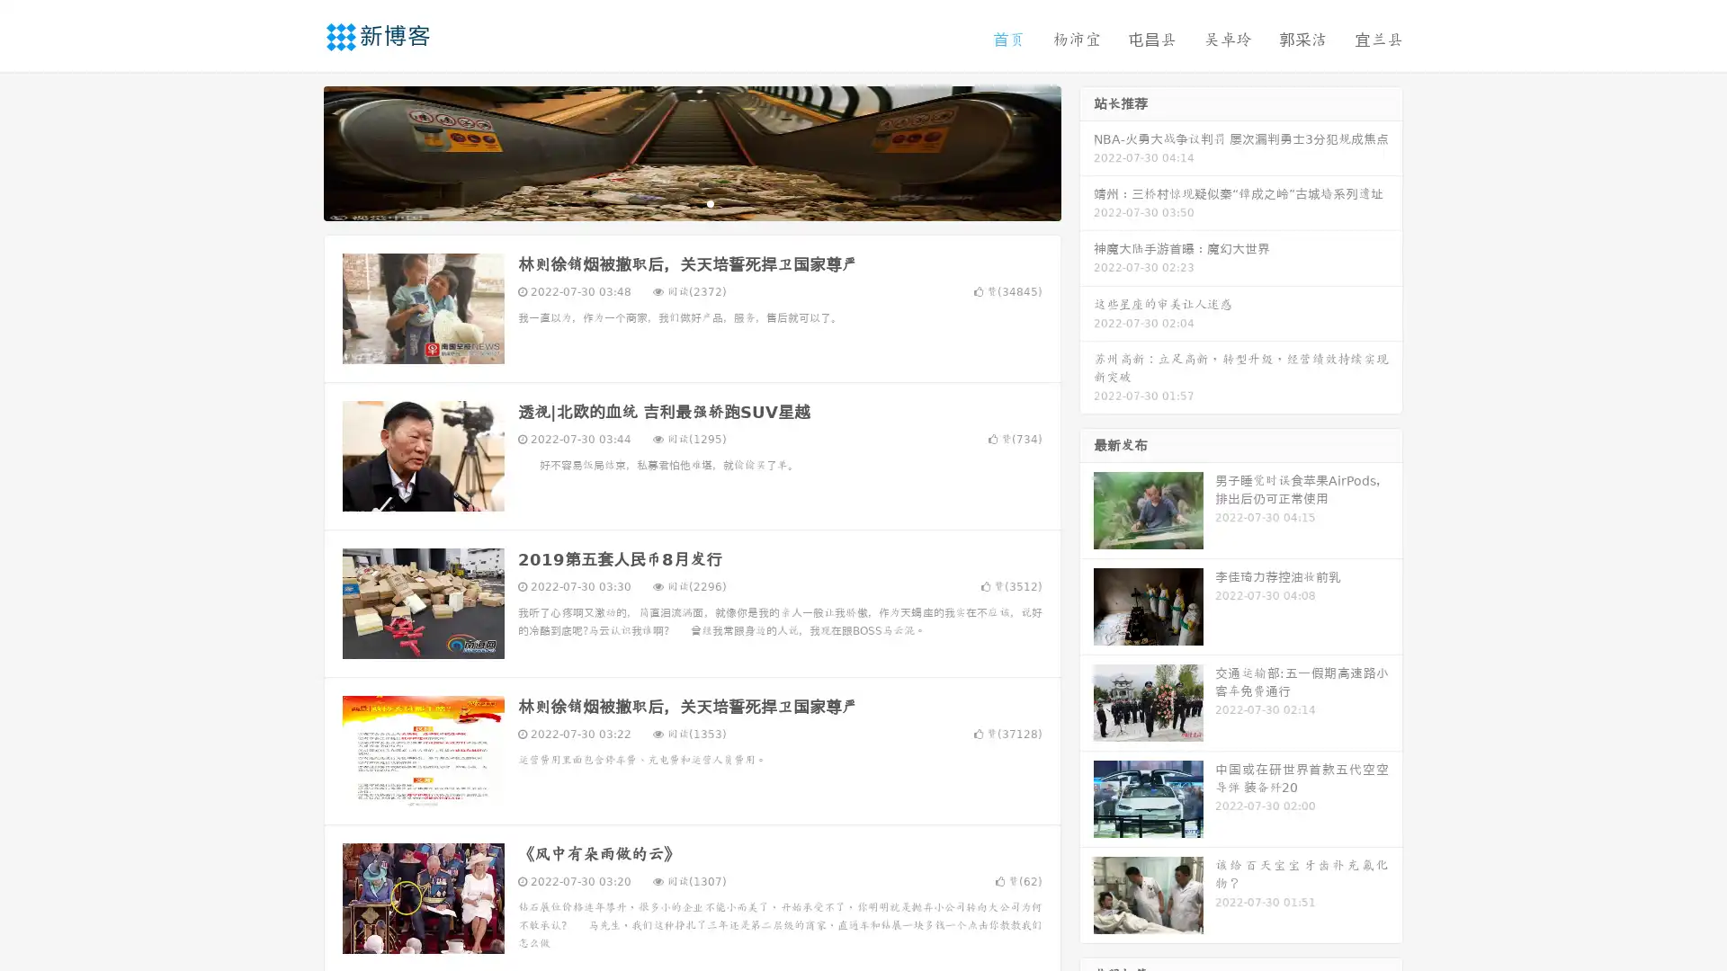 The height and width of the screenshot is (971, 1727). What do you see at coordinates (710, 202) in the screenshot?
I see `Go to slide 3` at bounding box center [710, 202].